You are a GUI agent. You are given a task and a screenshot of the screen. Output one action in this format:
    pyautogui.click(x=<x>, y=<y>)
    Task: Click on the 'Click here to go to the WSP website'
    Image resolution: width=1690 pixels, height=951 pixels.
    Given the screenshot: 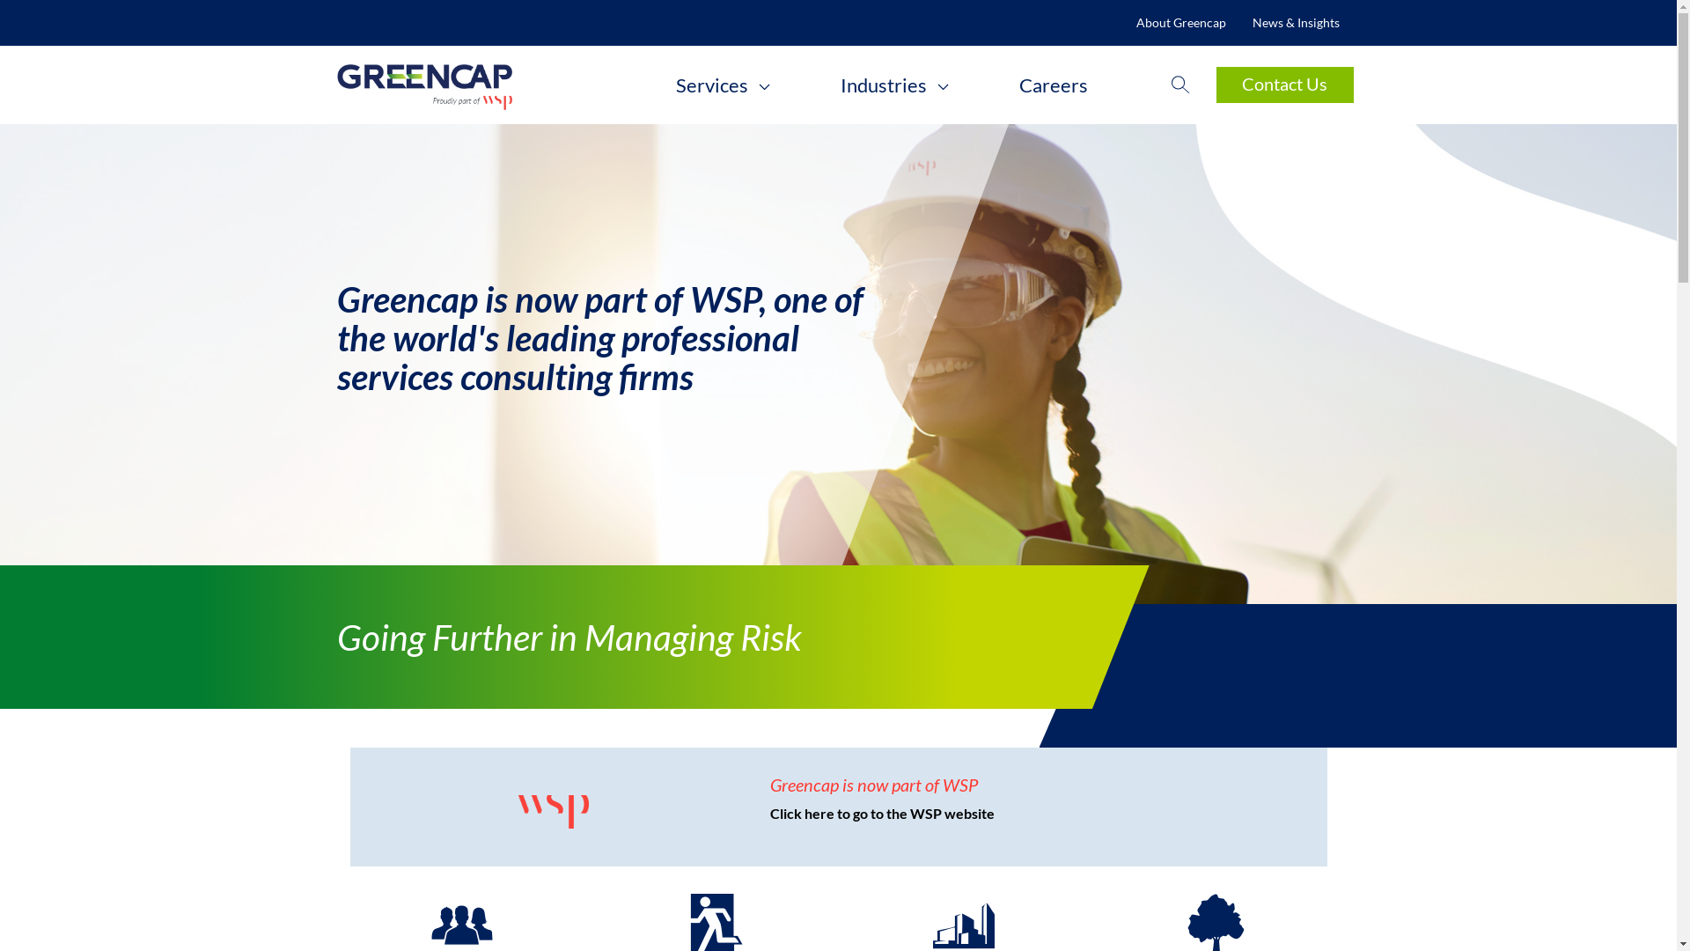 What is the action you would take?
    pyautogui.click(x=769, y=813)
    